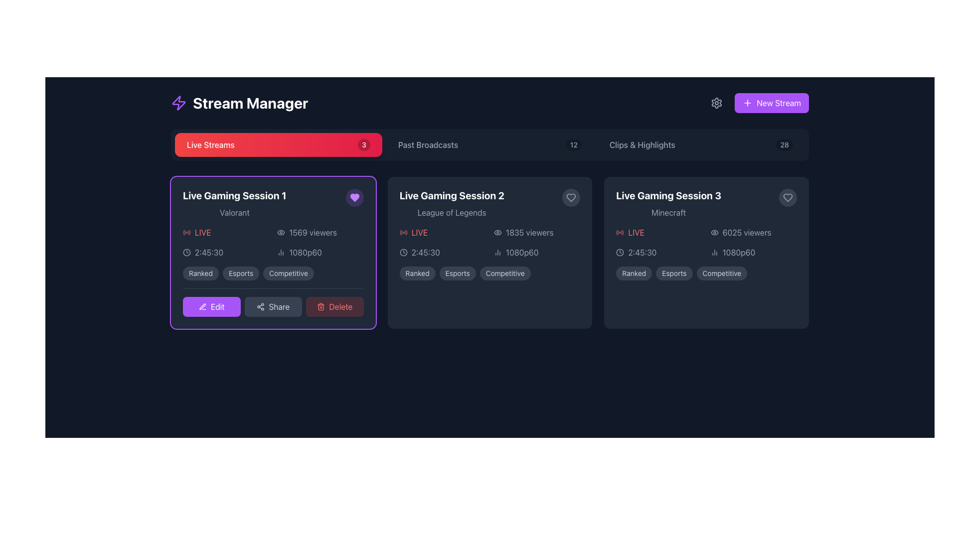  I want to click on the vibrant purple 'Edit' button with a white pen icon, so click(211, 306).